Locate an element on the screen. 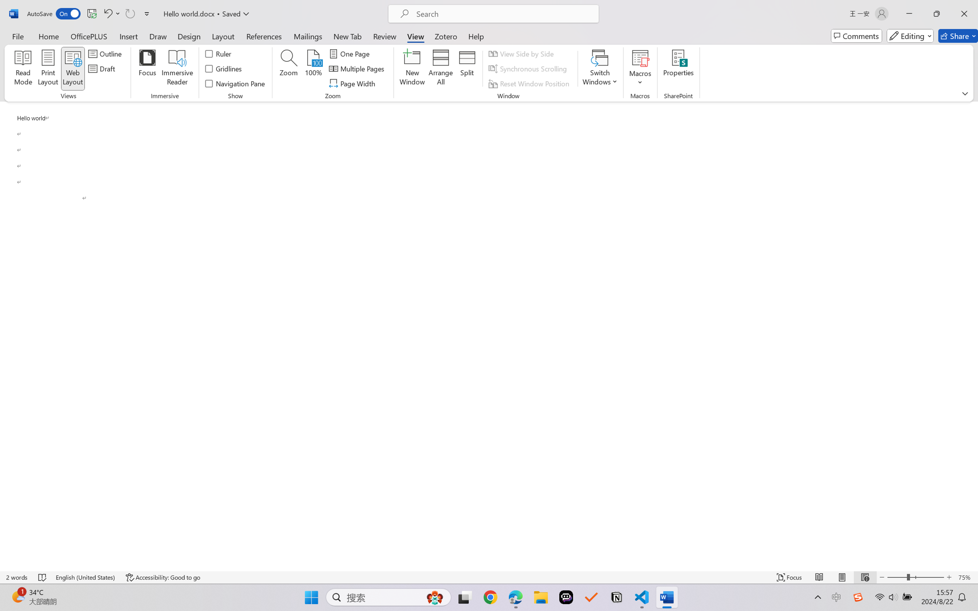  'Page Width' is located at coordinates (353, 84).